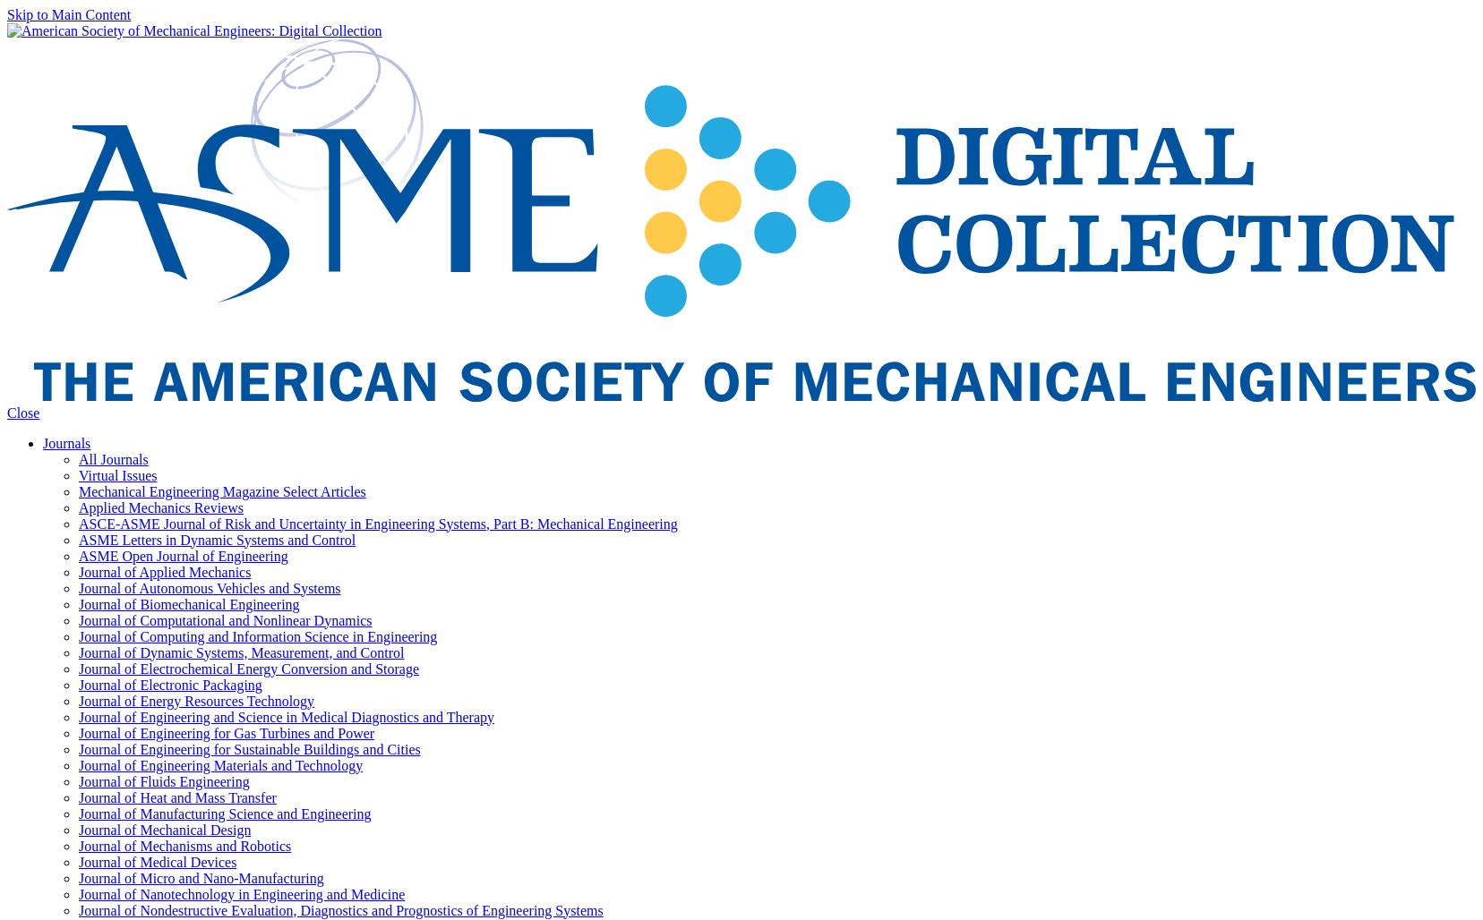 The width and height of the screenshot is (1483, 920). Describe the element at coordinates (249, 667) in the screenshot. I see `'Journal of Electrochemical Energy Conversion and Storage'` at that location.